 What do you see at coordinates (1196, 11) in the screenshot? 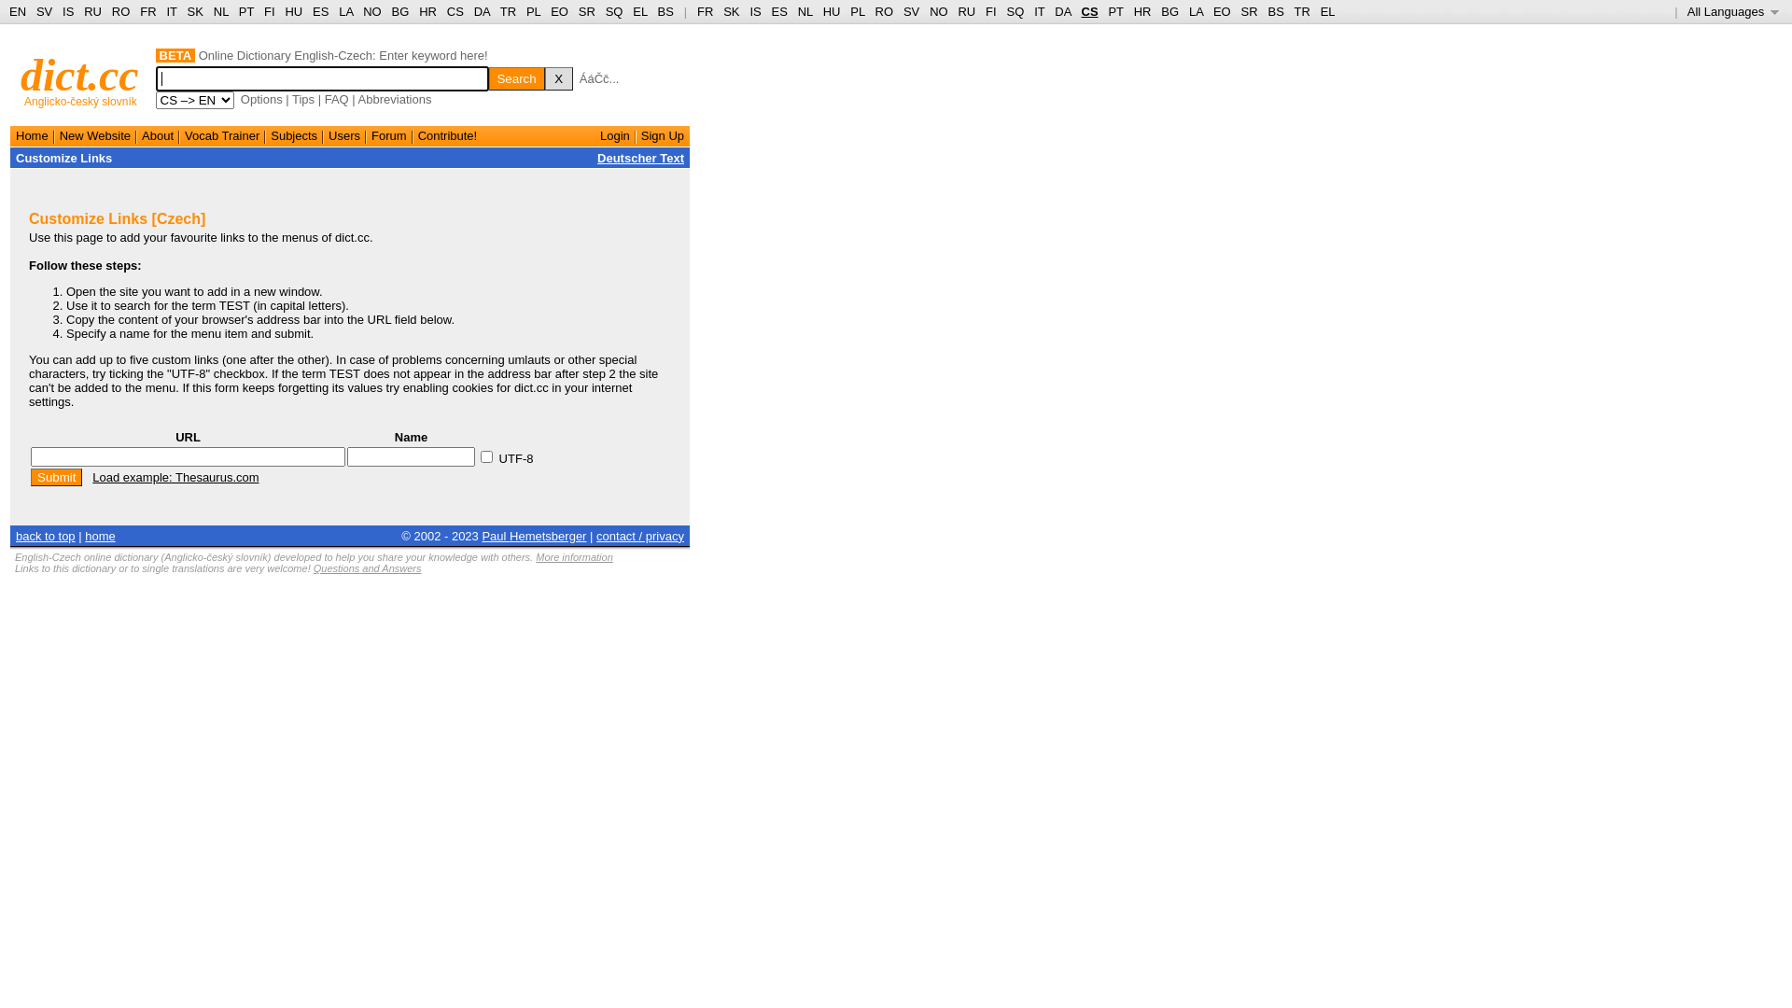
I see `'LA'` at bounding box center [1196, 11].